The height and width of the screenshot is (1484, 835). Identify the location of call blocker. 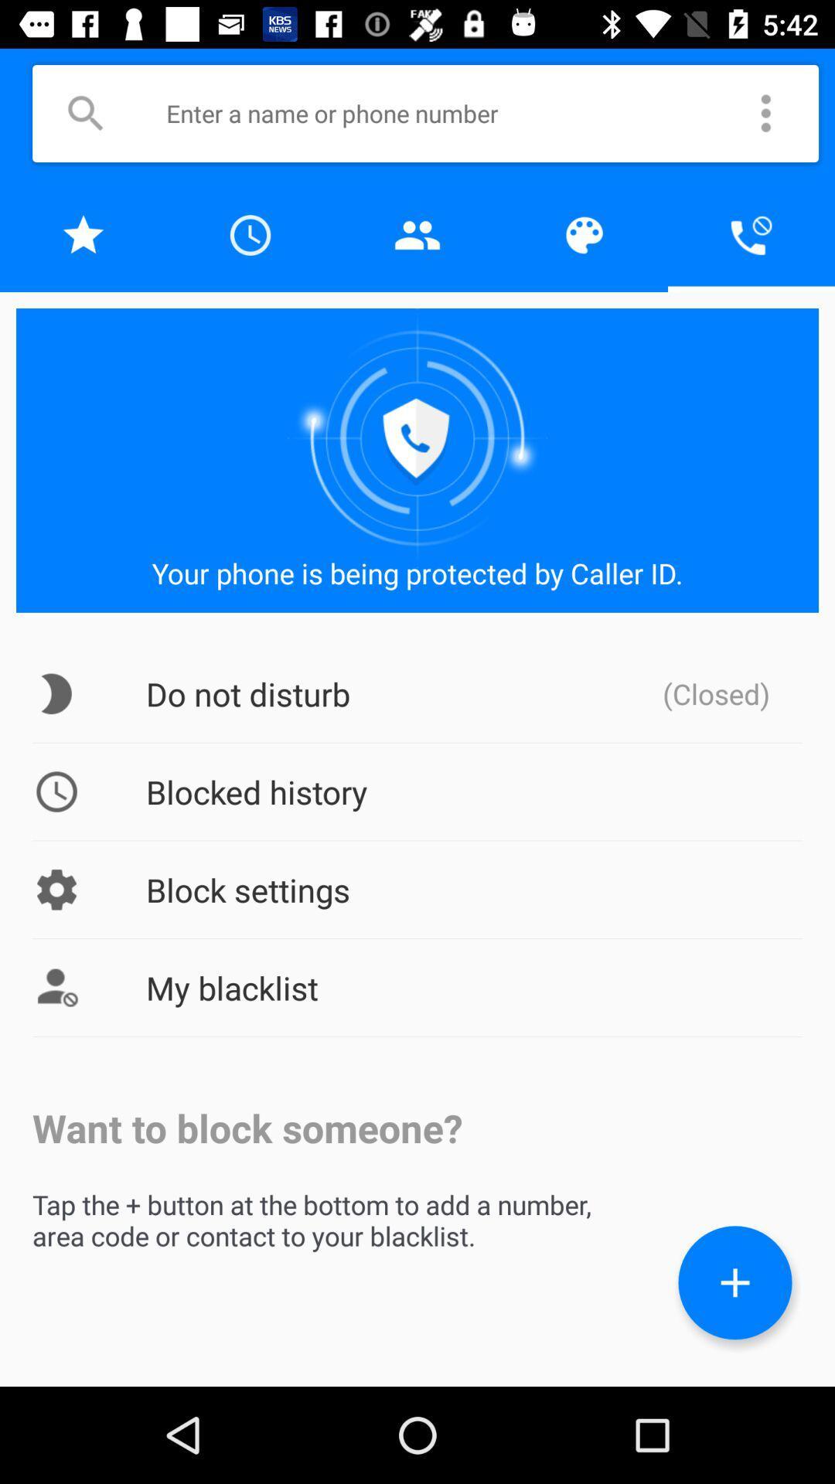
(751, 234).